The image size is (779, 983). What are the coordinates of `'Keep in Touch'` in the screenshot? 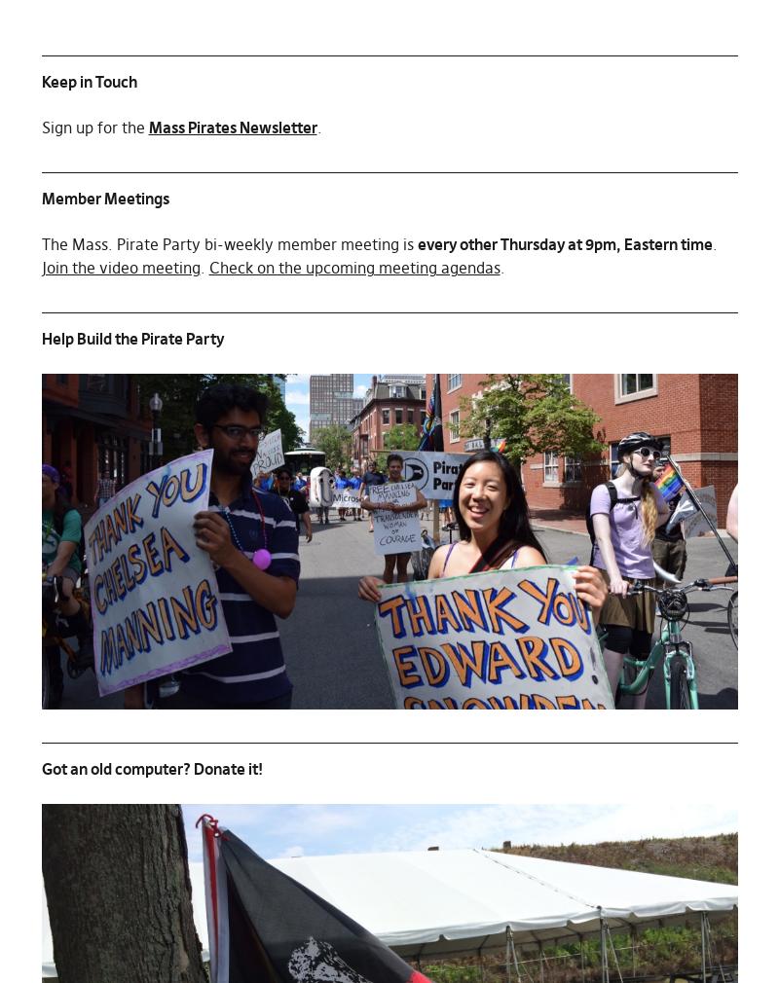 It's located at (88, 80).